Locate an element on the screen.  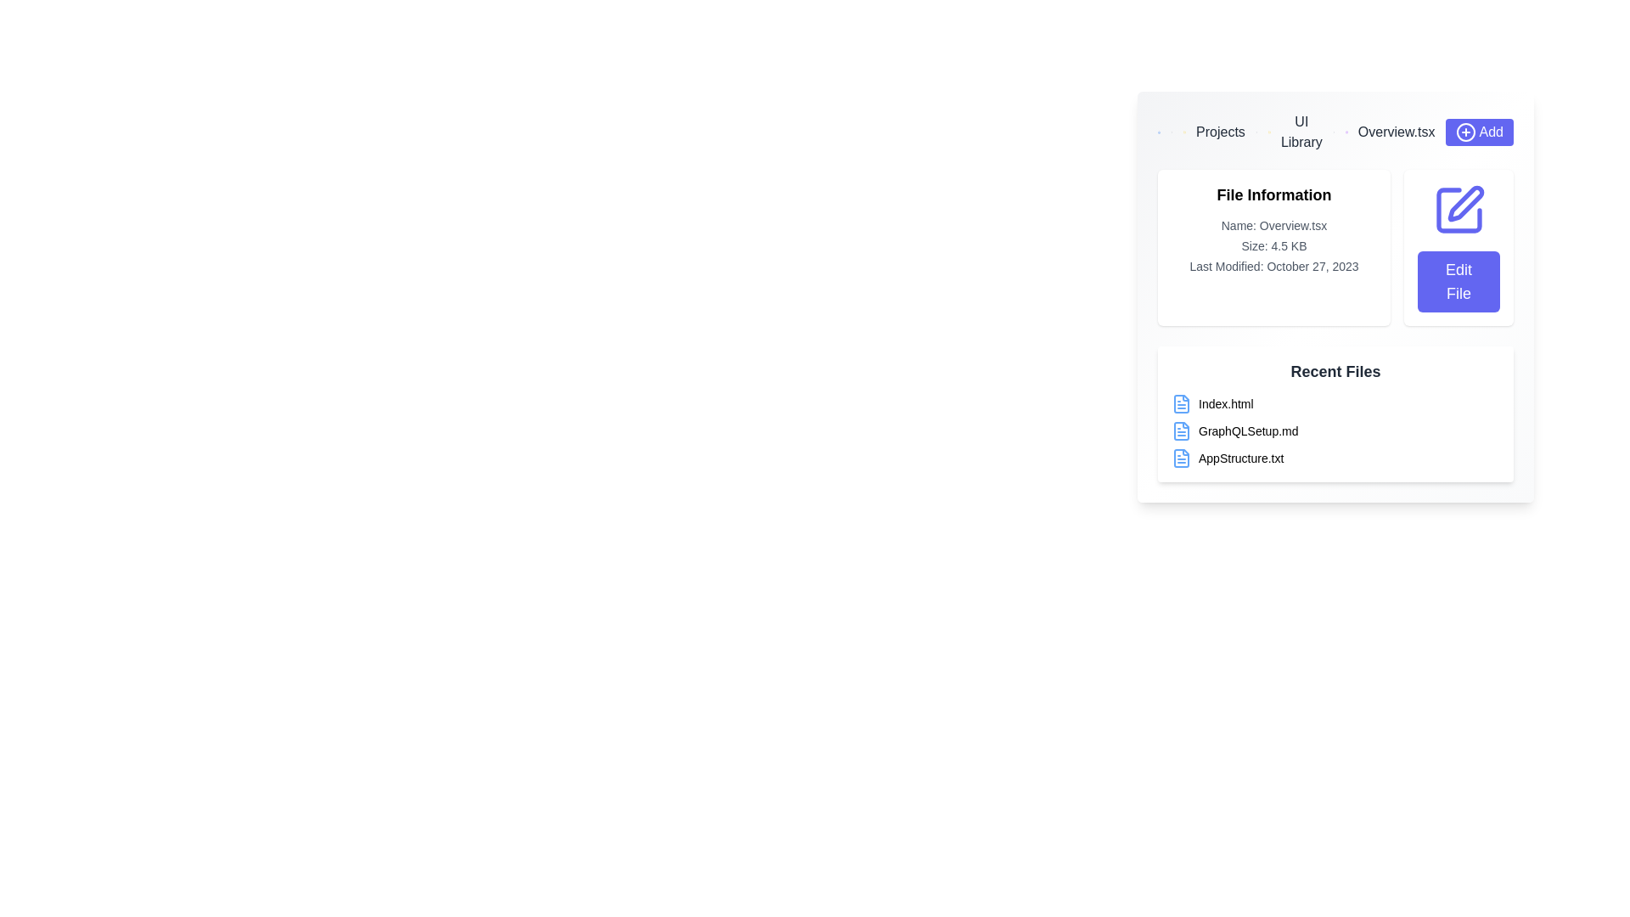
information displayed in the Text Display element located in the 'File Information' section, positioned below the heading 'File Information' is located at coordinates (1274, 245).